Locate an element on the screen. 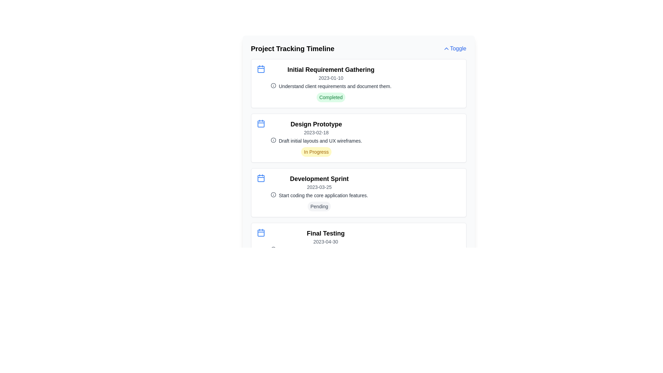  the 'Completed' badge, which has a light green background and is located below the task description in the 'Initial Requirement Gathering' section is located at coordinates (330, 97).